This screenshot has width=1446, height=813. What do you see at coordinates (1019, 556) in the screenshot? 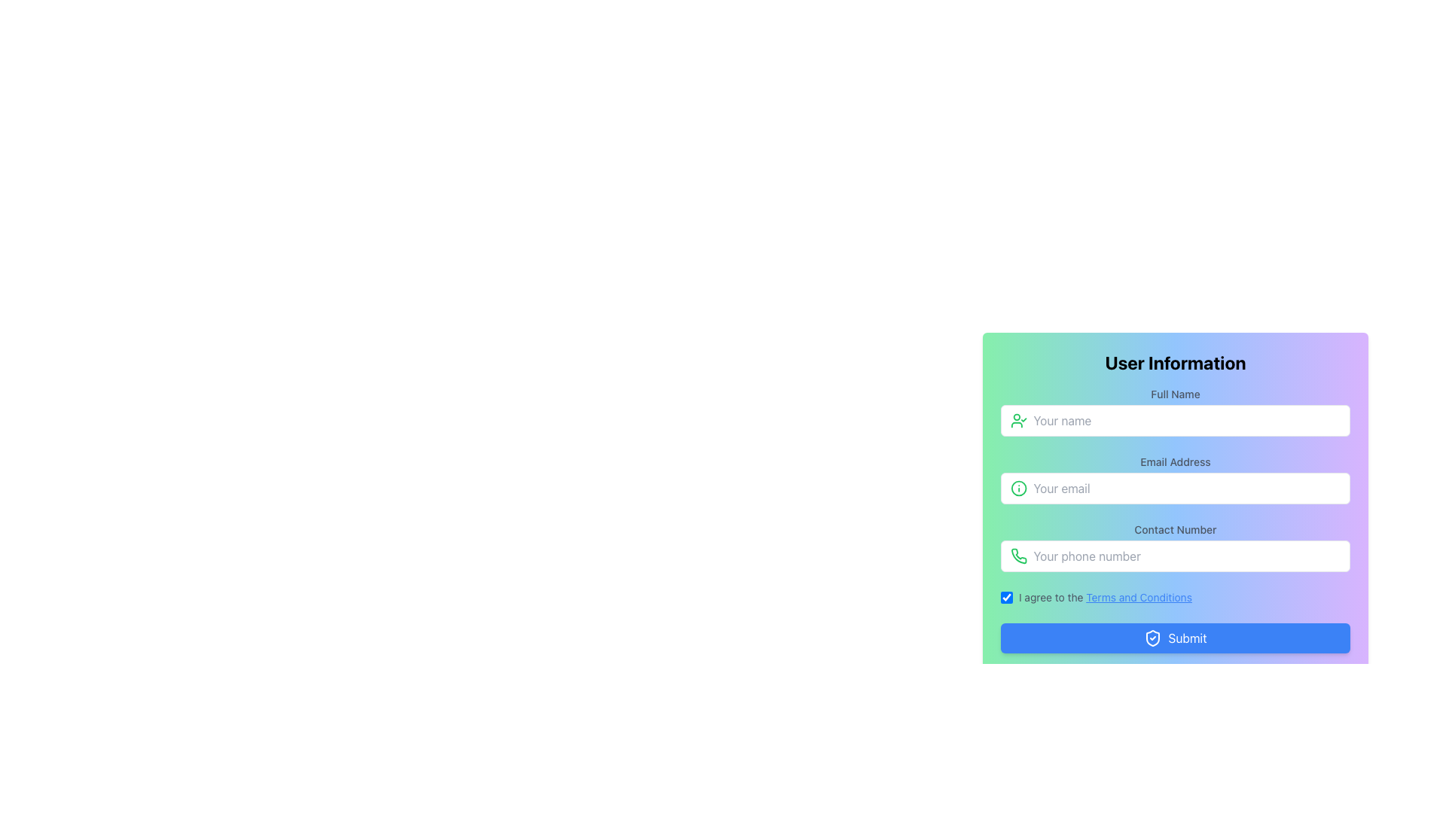
I see `the phone number icon located to the left of the 'Your phone number' input field in the 'User Information' section` at bounding box center [1019, 556].